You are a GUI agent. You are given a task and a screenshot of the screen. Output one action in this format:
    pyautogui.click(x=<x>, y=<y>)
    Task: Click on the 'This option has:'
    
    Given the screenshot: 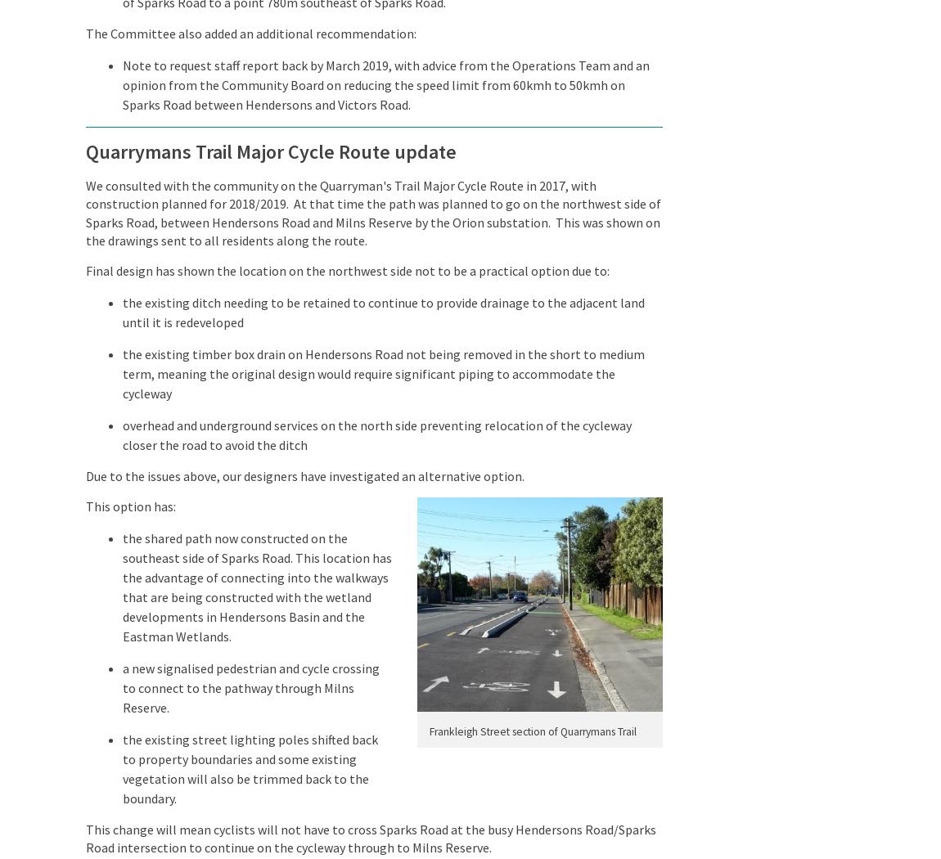 What is the action you would take?
    pyautogui.click(x=129, y=506)
    